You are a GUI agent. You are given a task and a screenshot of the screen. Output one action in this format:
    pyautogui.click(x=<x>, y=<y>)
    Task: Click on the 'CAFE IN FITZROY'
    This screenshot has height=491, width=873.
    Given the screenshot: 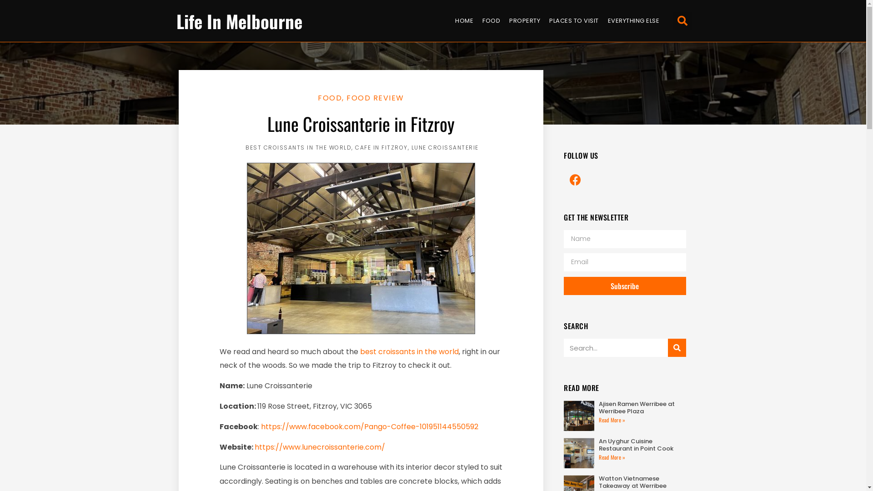 What is the action you would take?
    pyautogui.click(x=381, y=147)
    